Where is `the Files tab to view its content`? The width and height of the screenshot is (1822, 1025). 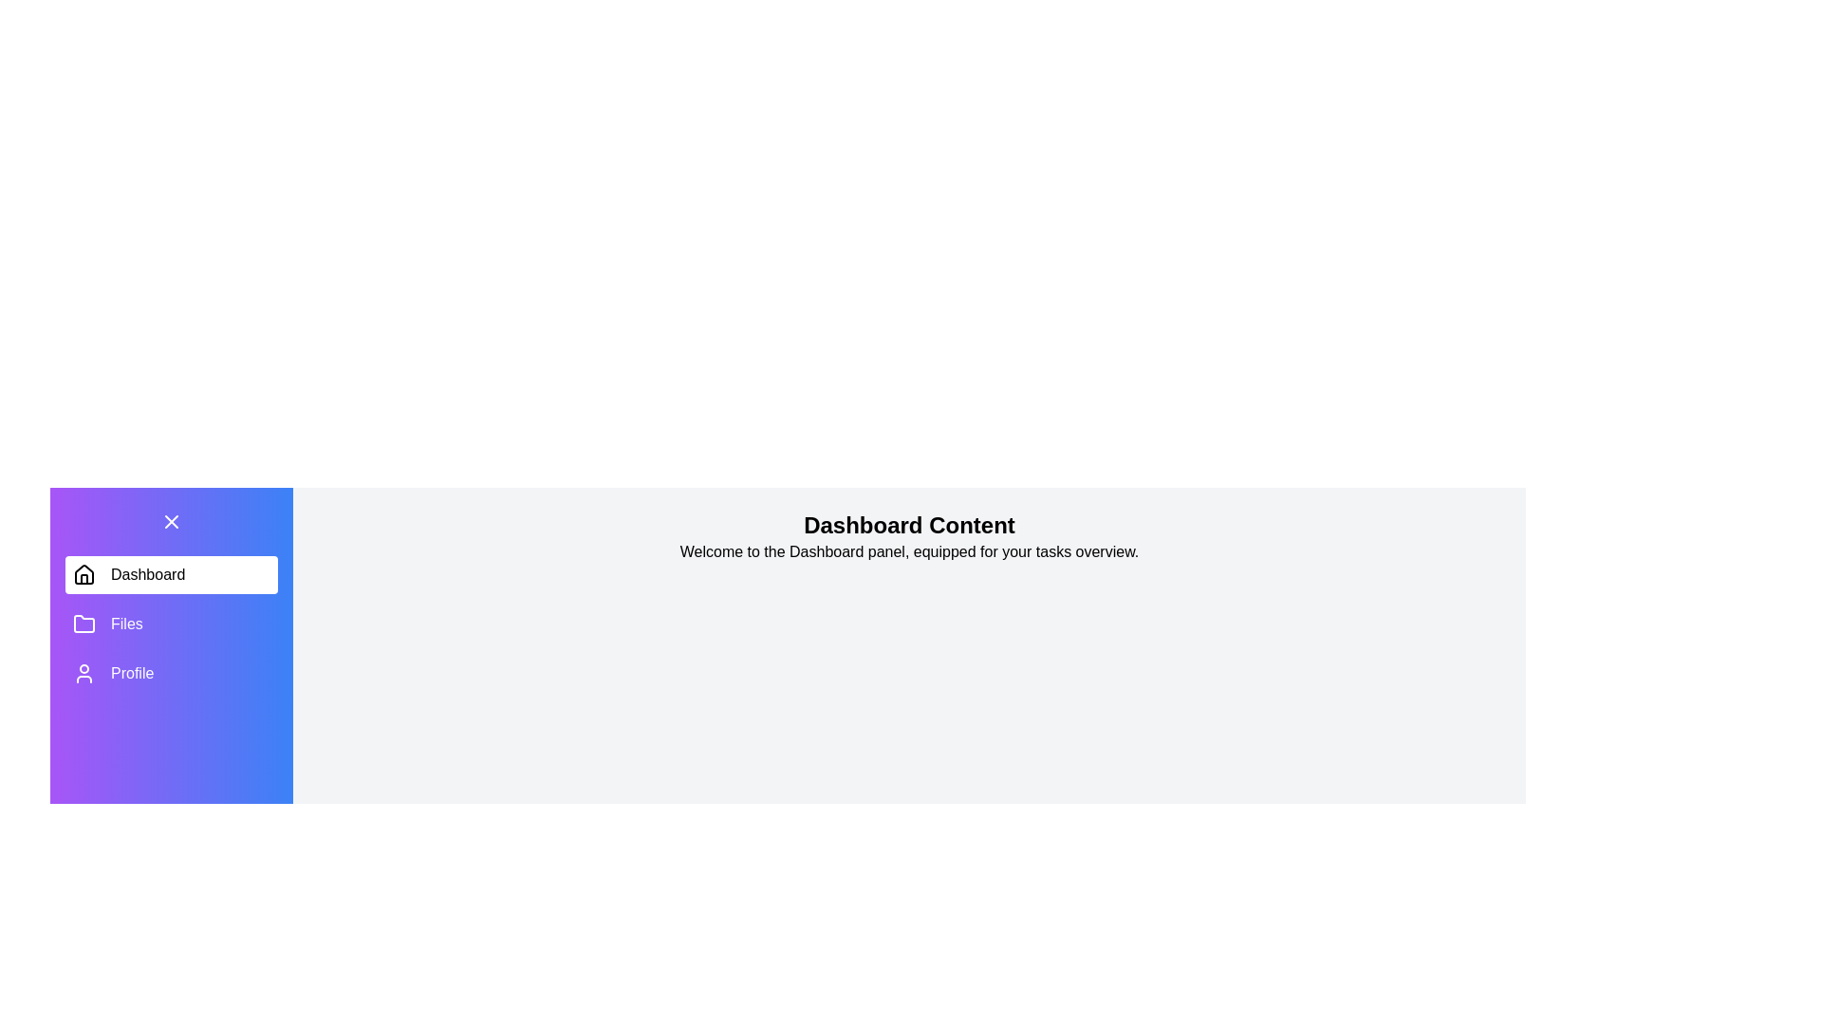
the Files tab to view its content is located at coordinates (172, 624).